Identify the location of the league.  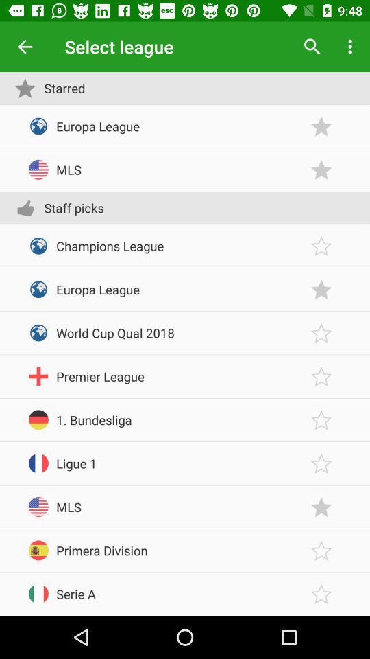
(321, 169).